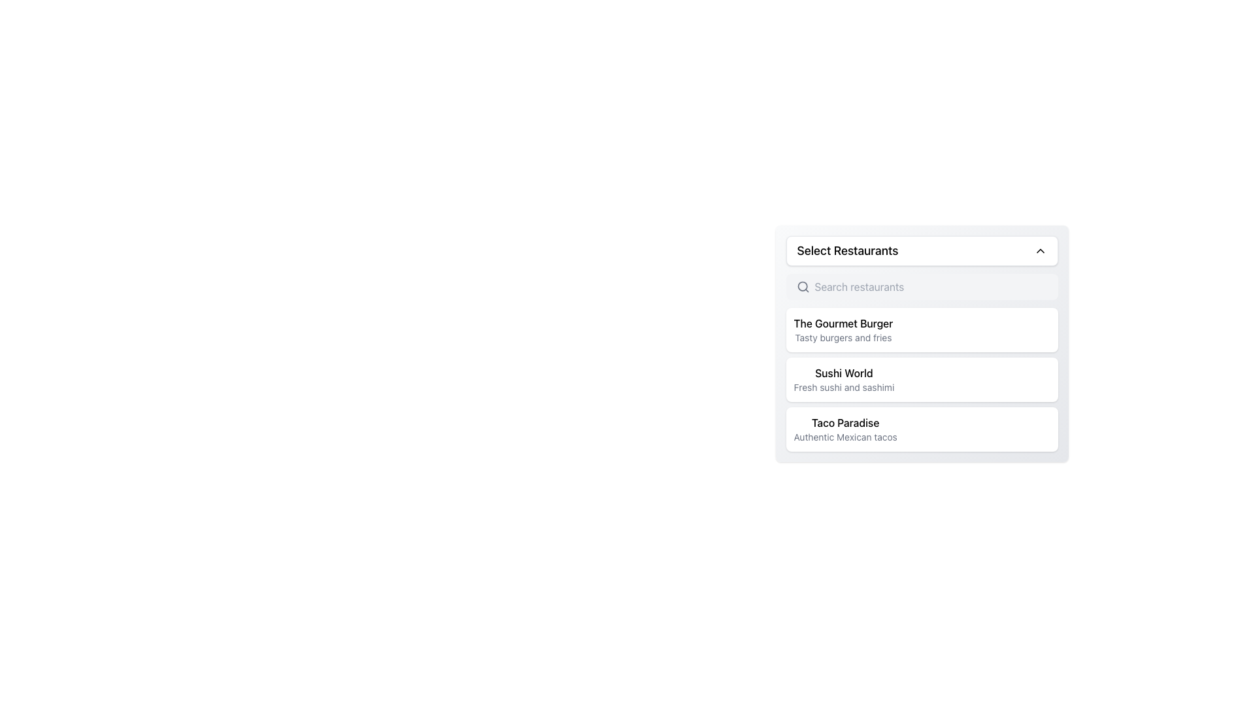 The image size is (1255, 706). Describe the element at coordinates (921, 251) in the screenshot. I see `the Dropdown Trigger Button located at the top of the card-like section` at that location.